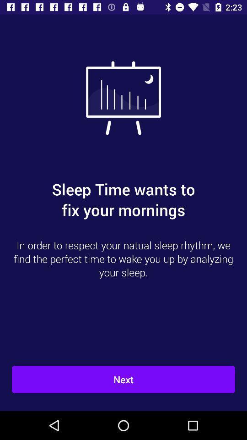 The width and height of the screenshot is (247, 440). Describe the element at coordinates (123, 379) in the screenshot. I see `the icon below in order to item` at that location.